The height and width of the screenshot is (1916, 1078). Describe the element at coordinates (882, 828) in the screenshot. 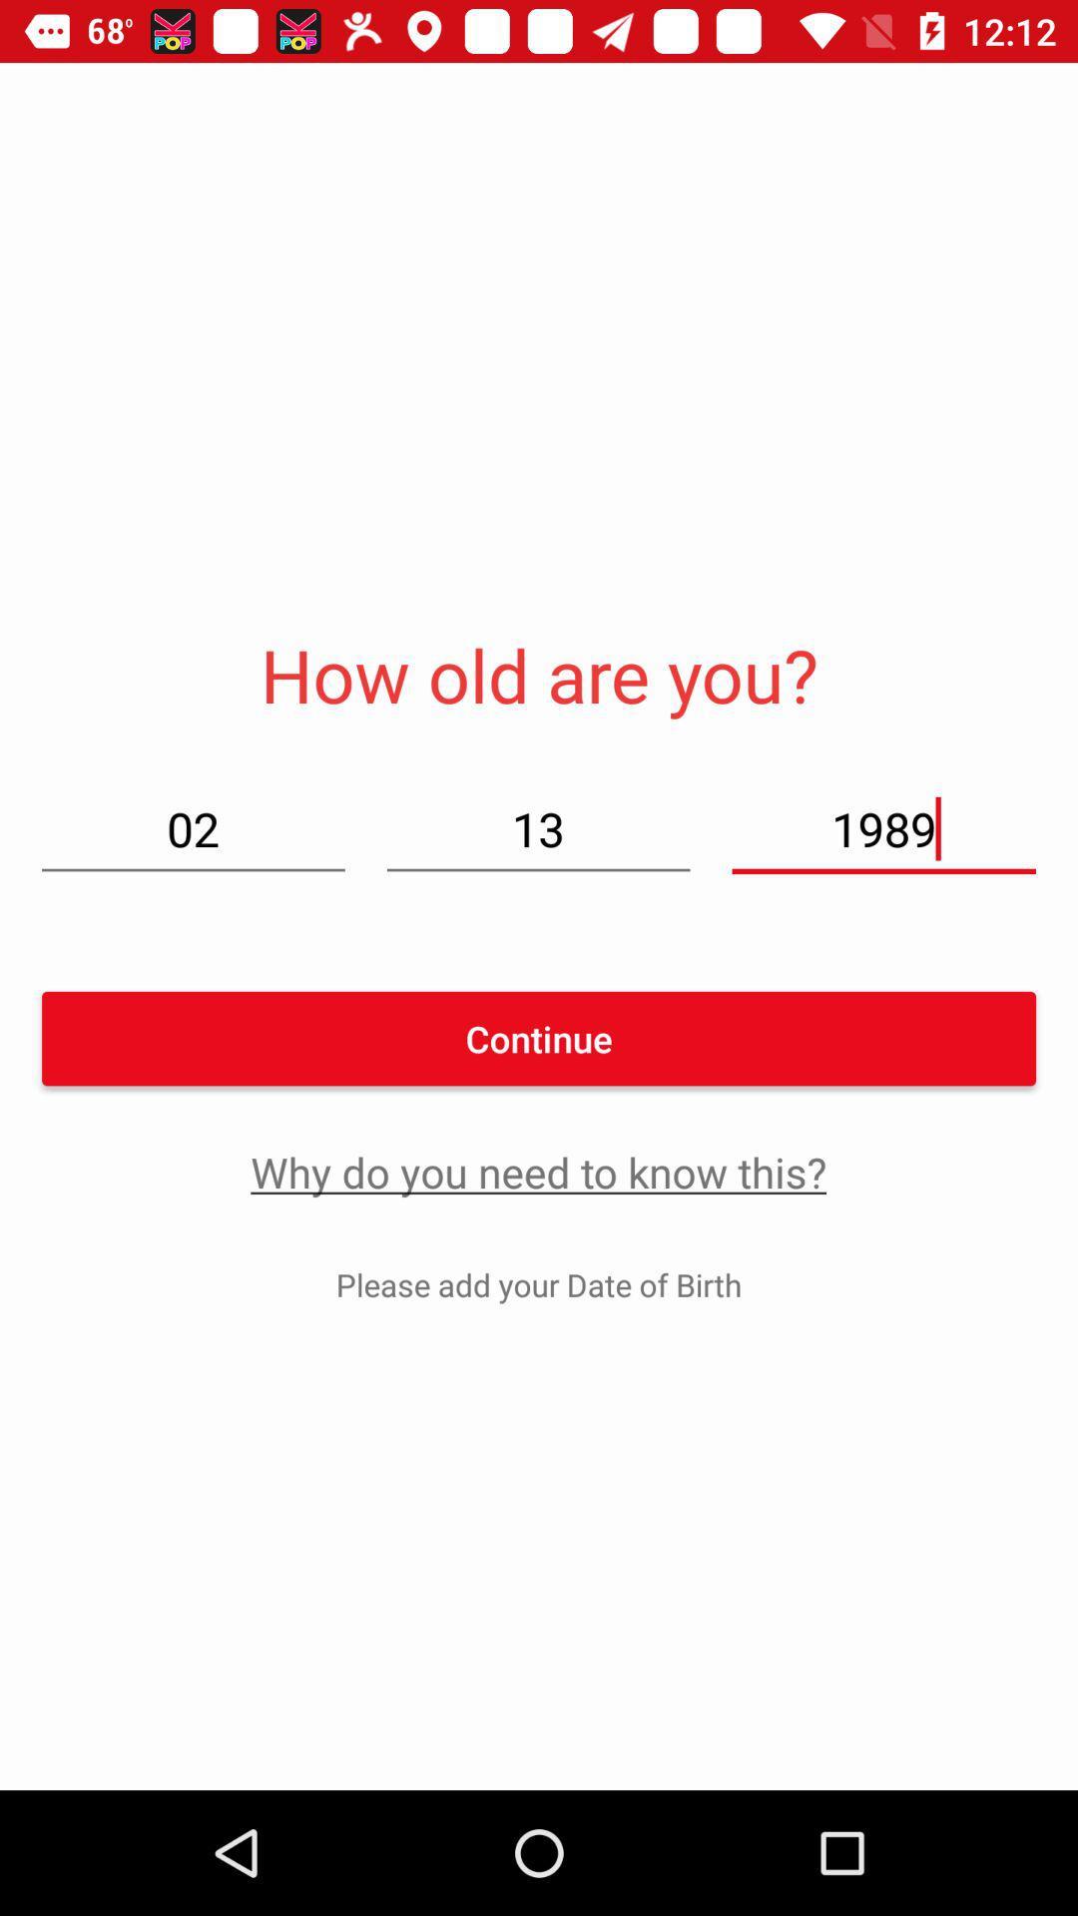

I see `the item next to 13 icon` at that location.